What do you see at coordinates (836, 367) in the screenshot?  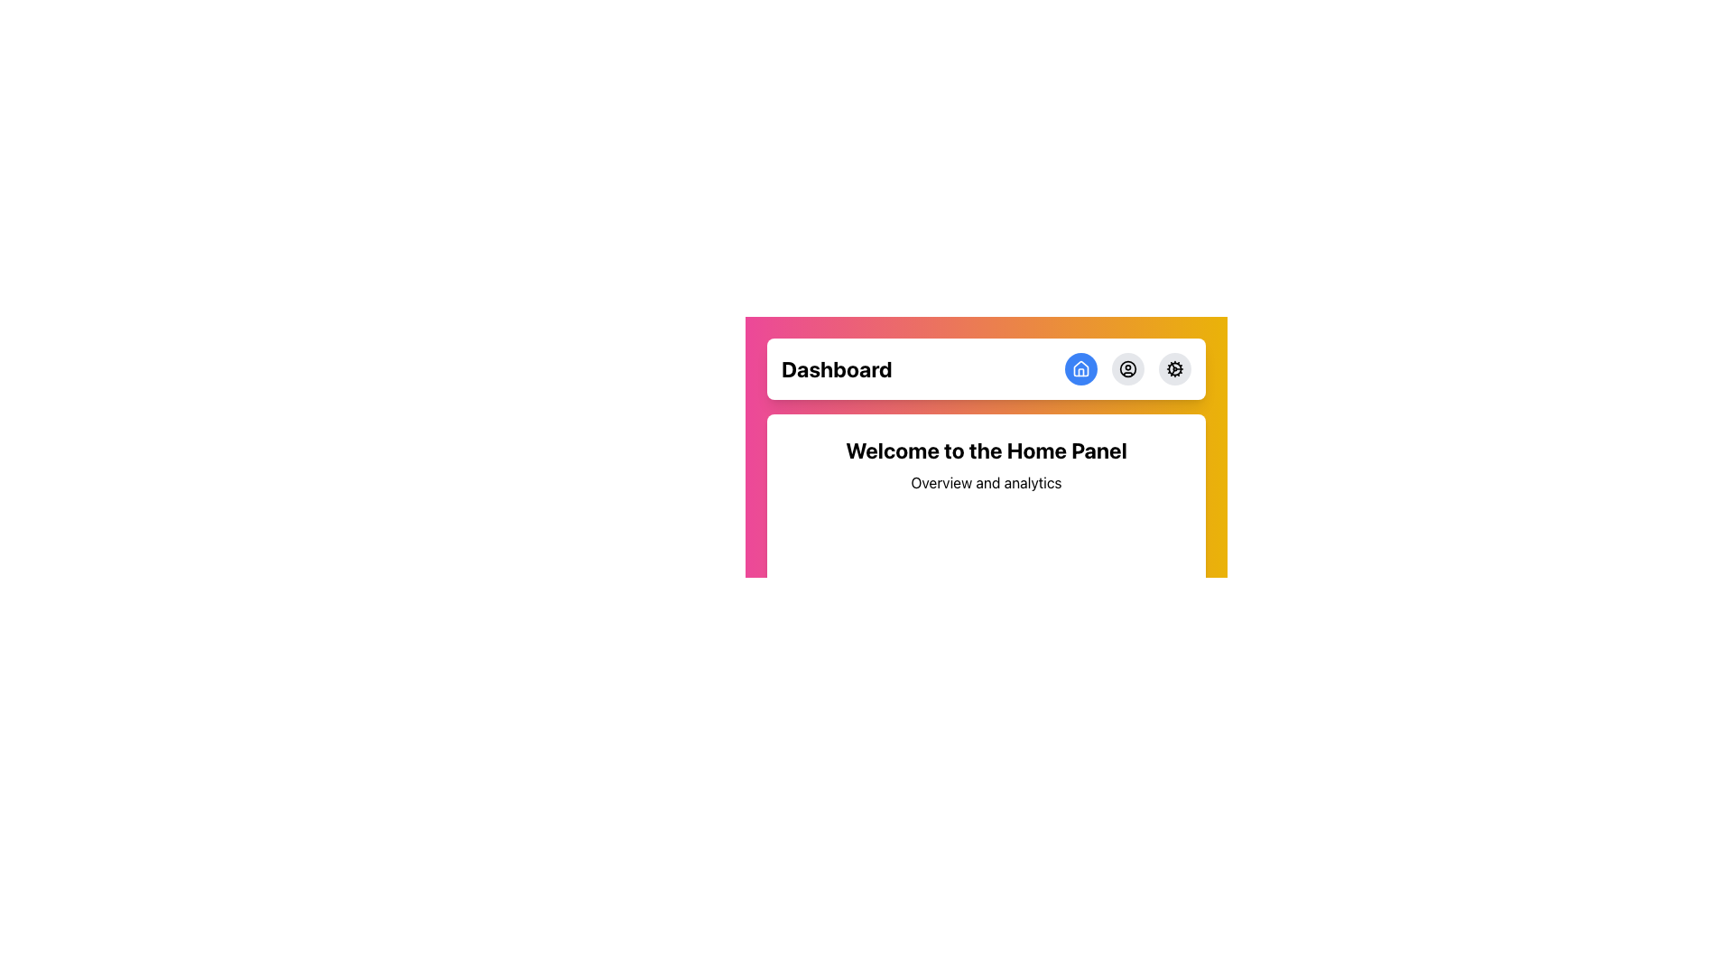 I see `the title or heading text located at the top-left section of the horizontal bar, which provides context for the current section of the application` at bounding box center [836, 367].